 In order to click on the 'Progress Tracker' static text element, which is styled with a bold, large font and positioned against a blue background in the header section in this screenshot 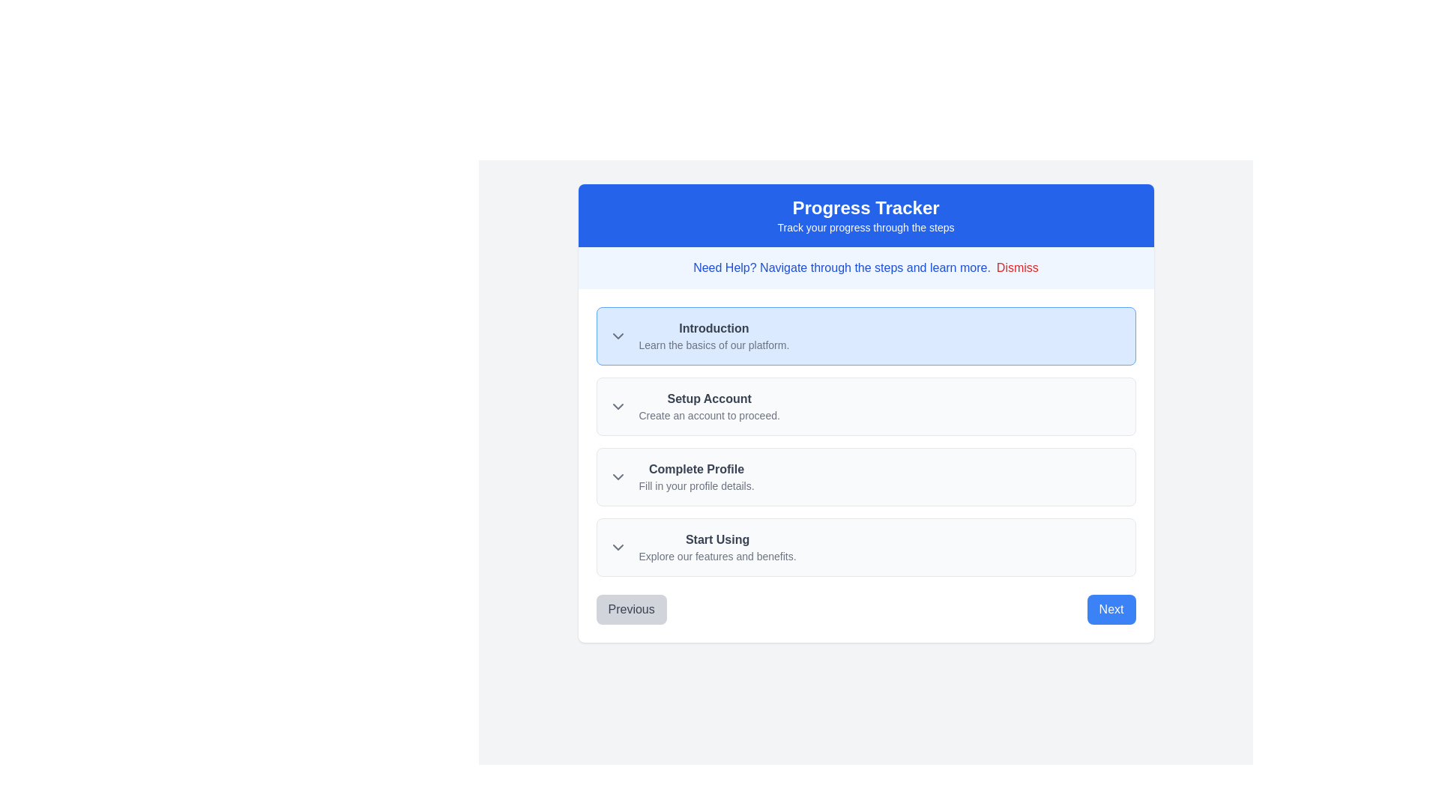, I will do `click(866, 207)`.